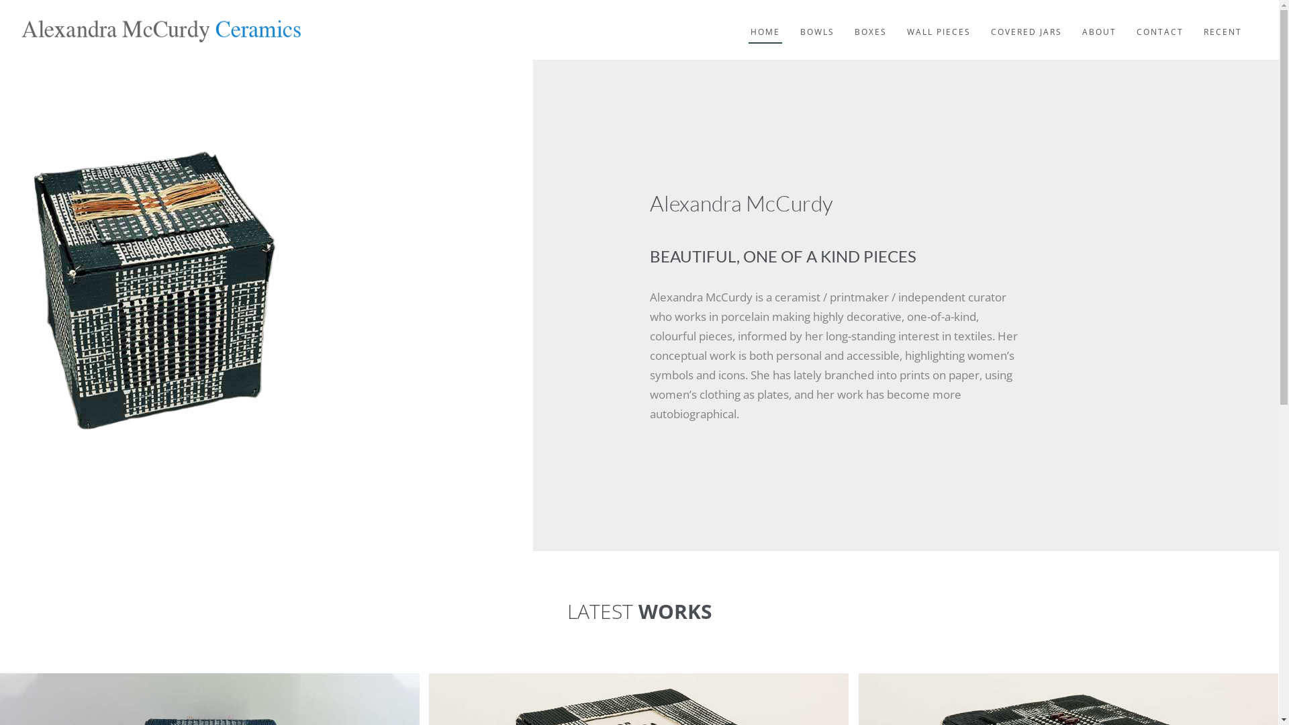 Image resolution: width=1289 pixels, height=725 pixels. Describe the element at coordinates (870, 21) in the screenshot. I see `'BOXES'` at that location.